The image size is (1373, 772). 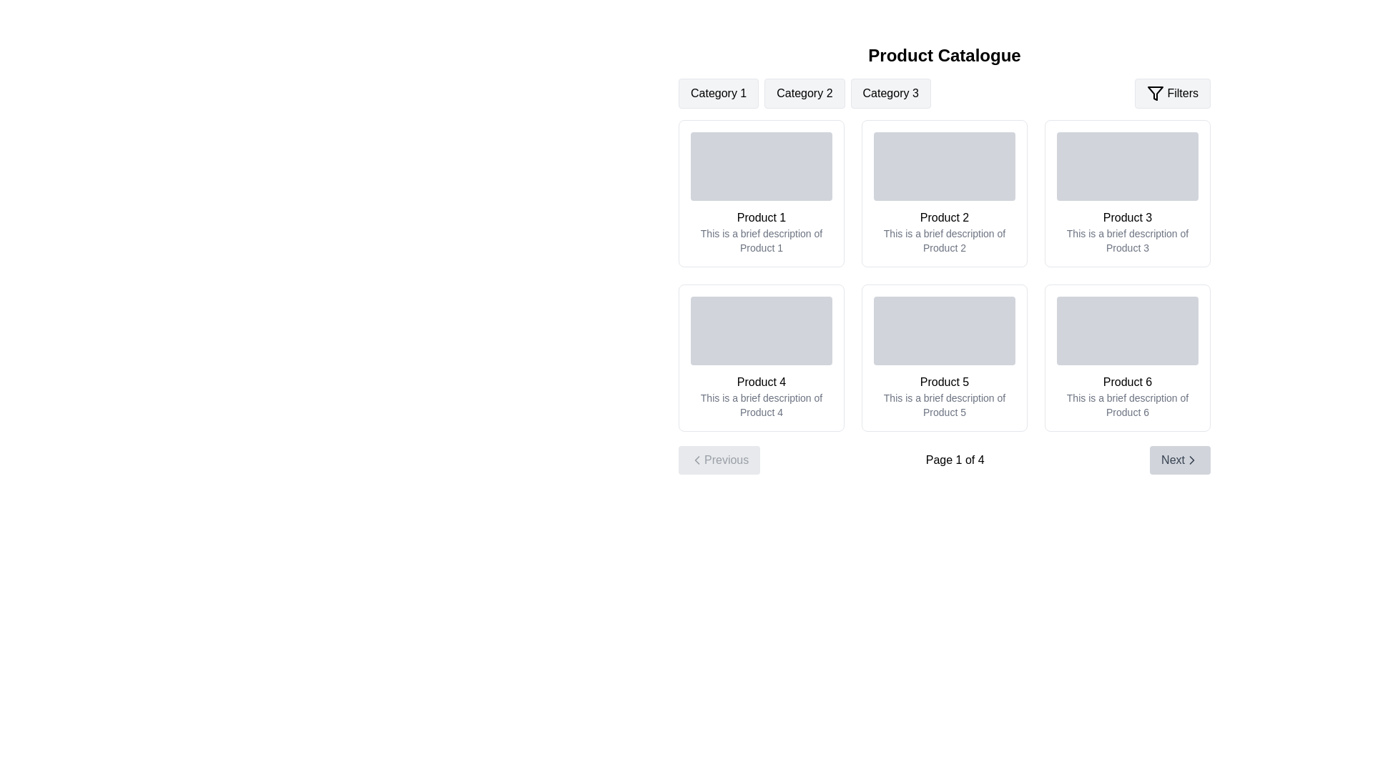 I want to click on the text label displaying 'Product 4' for accessibility purposes, so click(x=761, y=382).